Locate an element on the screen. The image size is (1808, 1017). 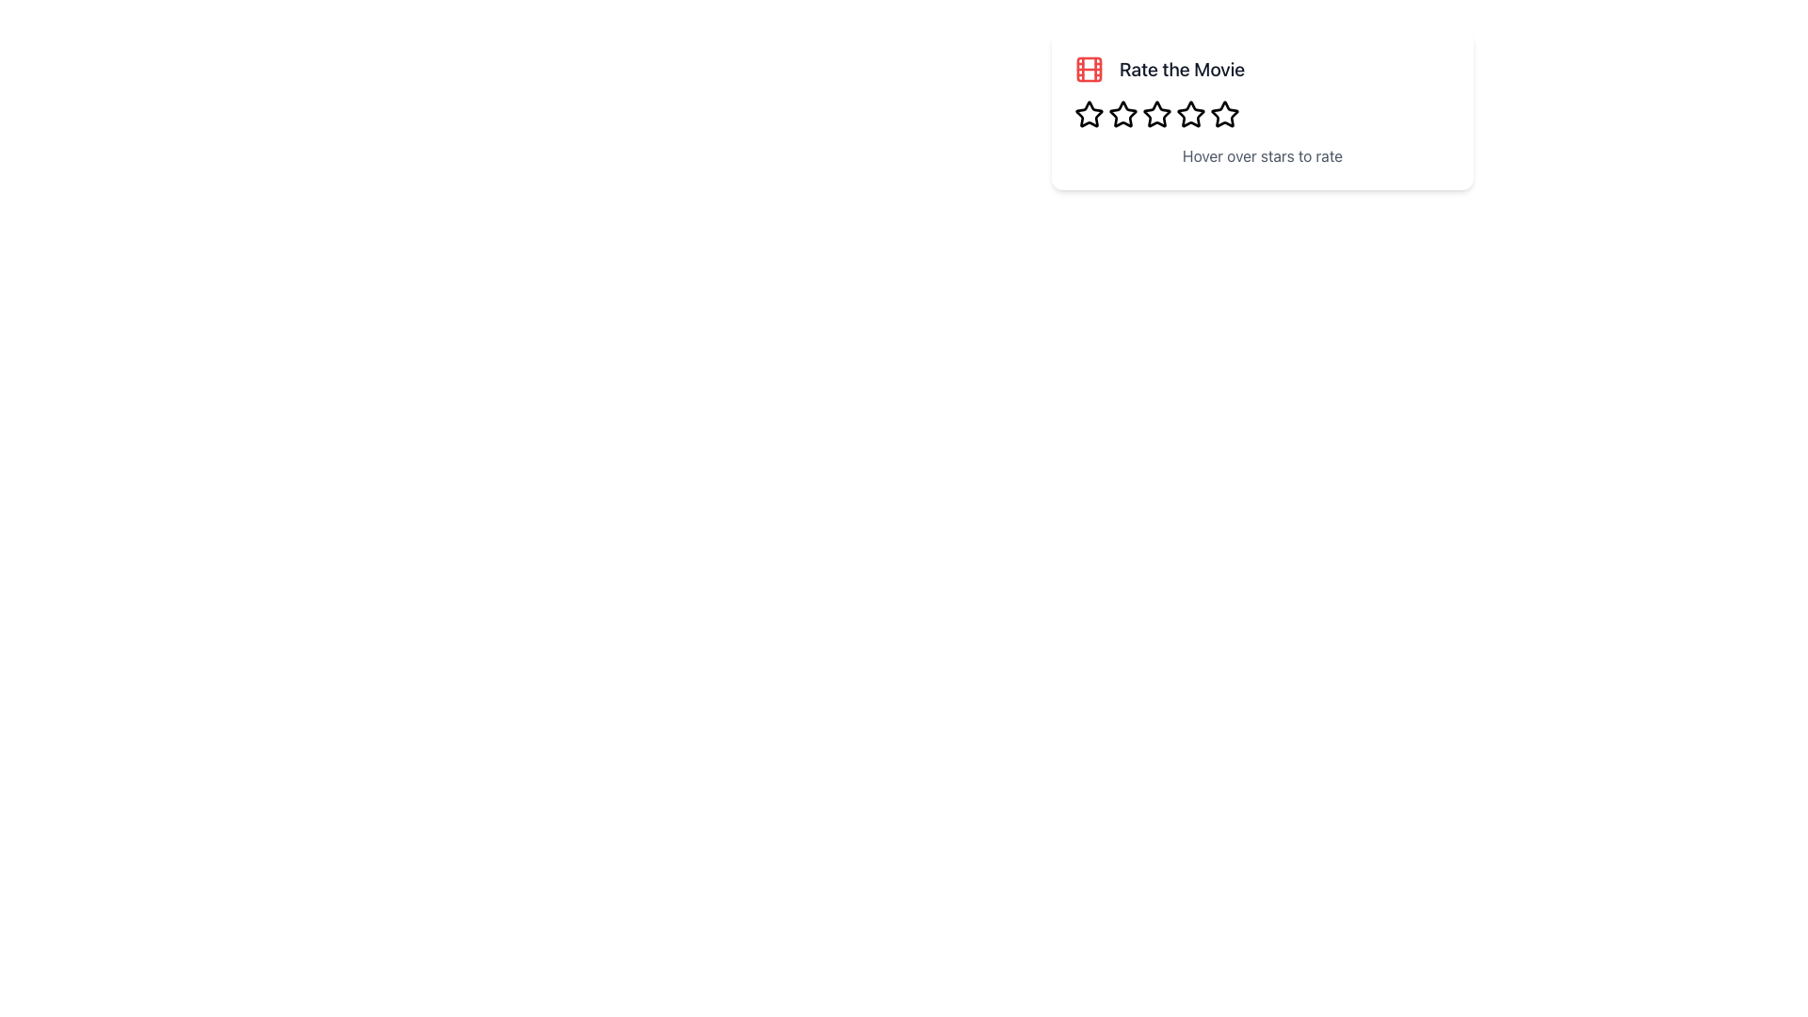
the static text label displaying 'Rate the Movie', which is styled with a large font size and a medium font weight, located to the right of a film reel icon is located at coordinates (1181, 68).